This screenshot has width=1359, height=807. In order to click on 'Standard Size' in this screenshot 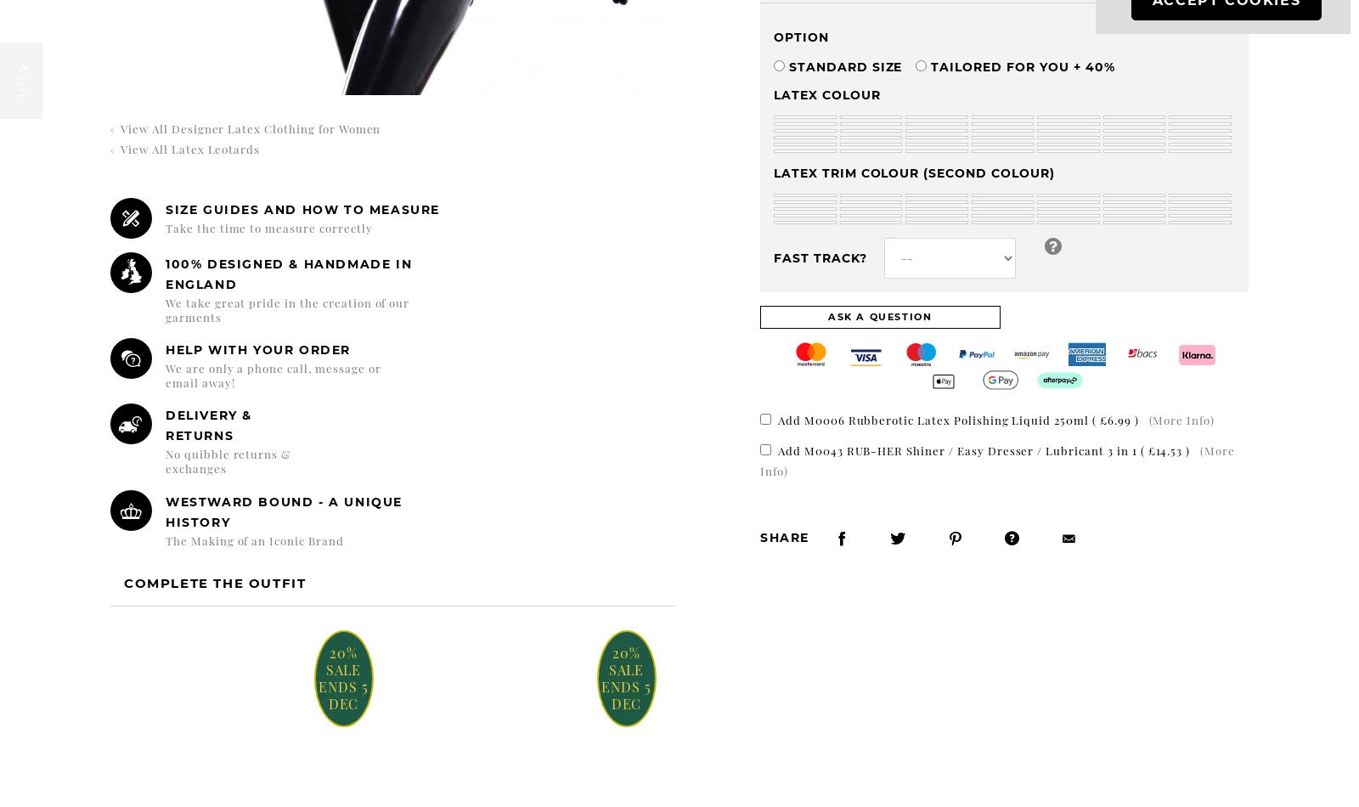, I will do `click(787, 65)`.